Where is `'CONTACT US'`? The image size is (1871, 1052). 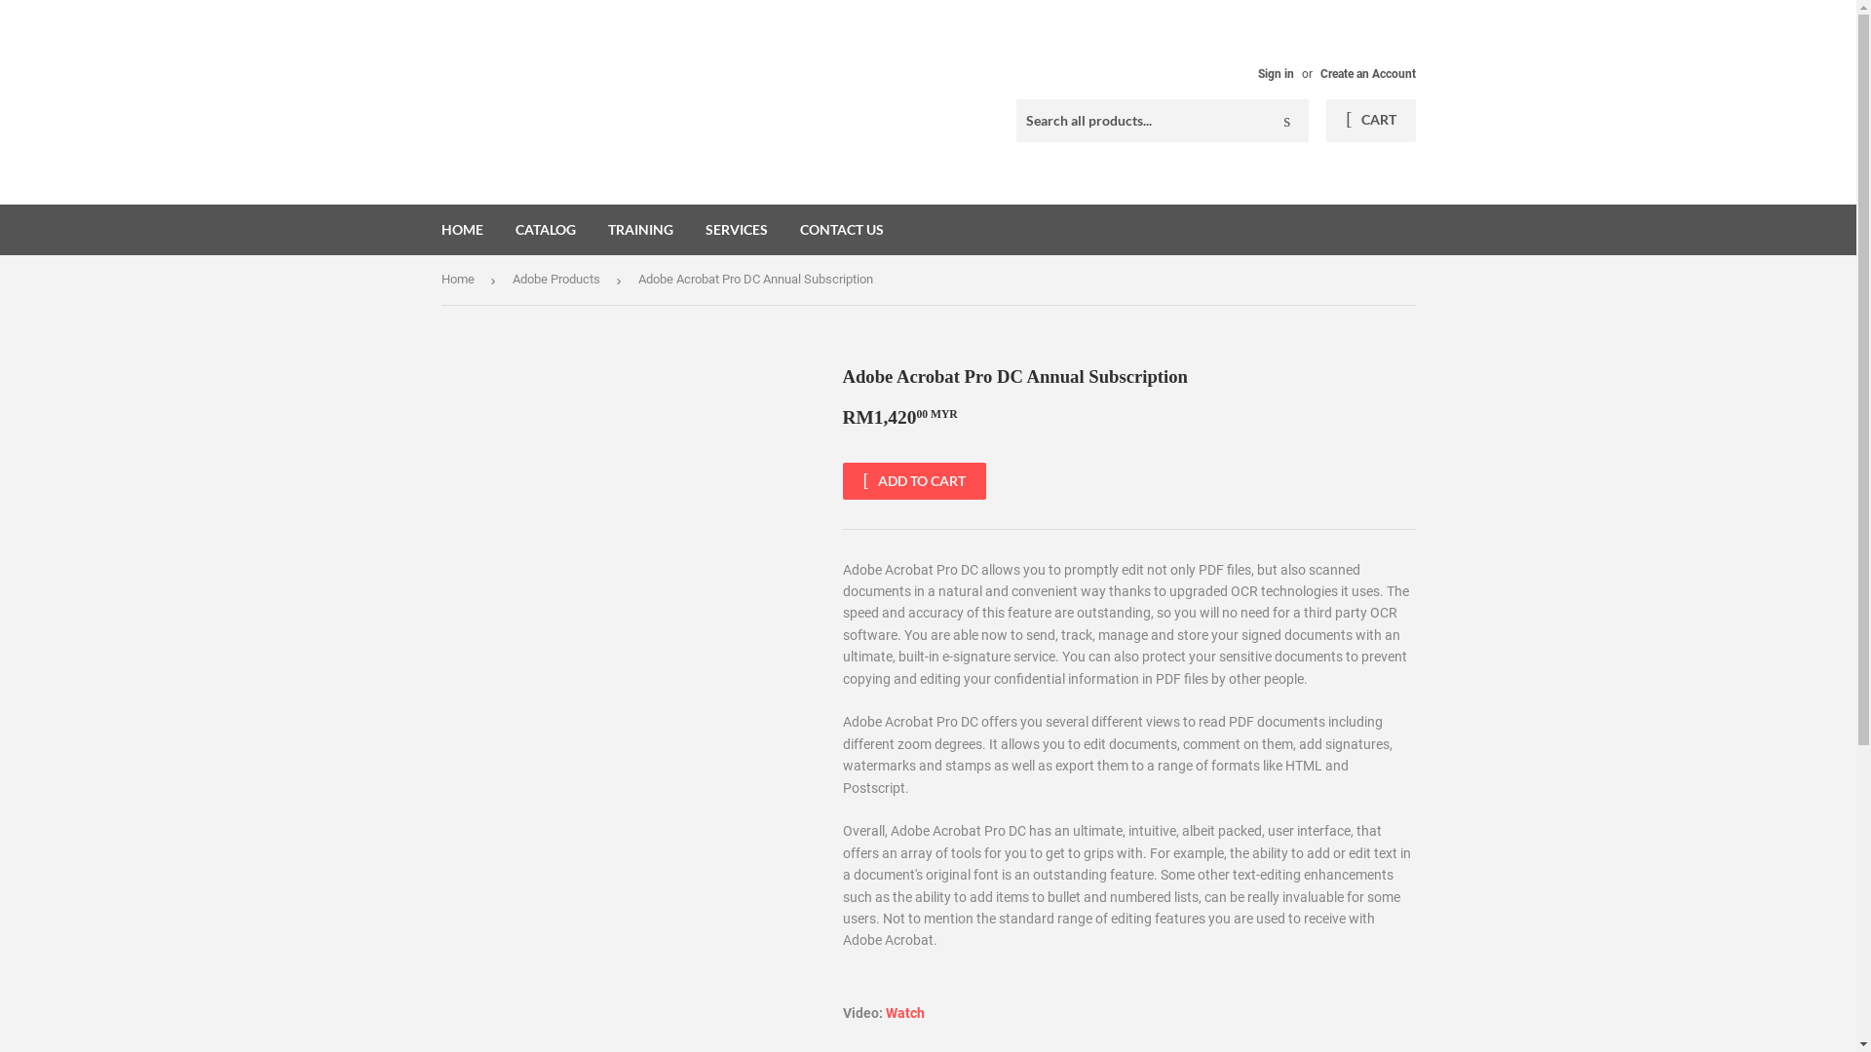
'CONTACT US' is located at coordinates (842, 228).